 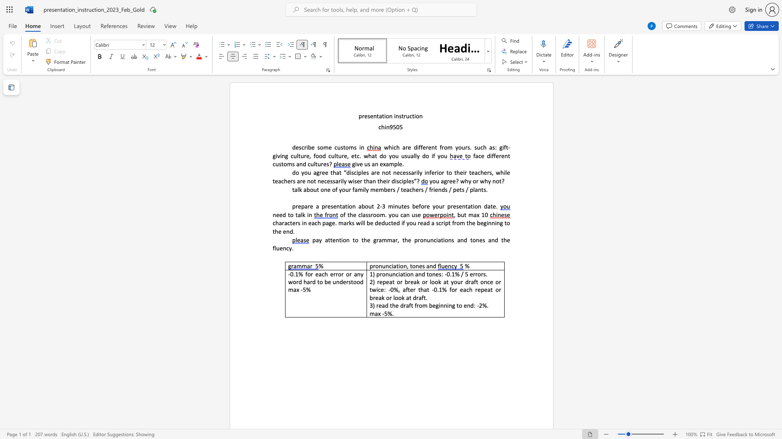 I want to click on the subset text "agree? why or why not?" within the text "you agree? why or why not?", so click(x=440, y=180).